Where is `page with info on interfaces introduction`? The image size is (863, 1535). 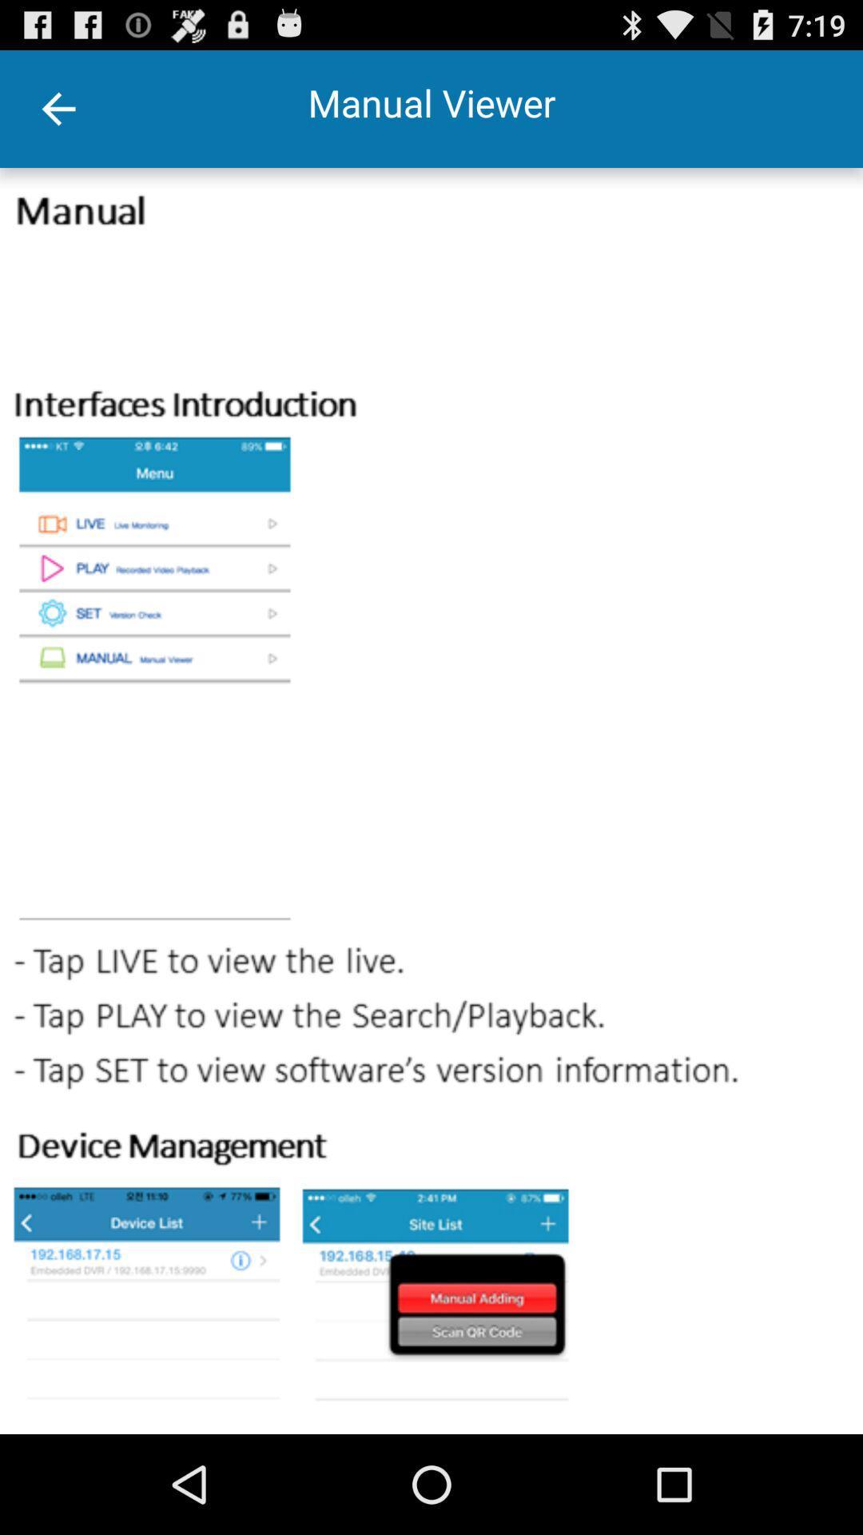 page with info on interfaces introduction is located at coordinates (431, 801).